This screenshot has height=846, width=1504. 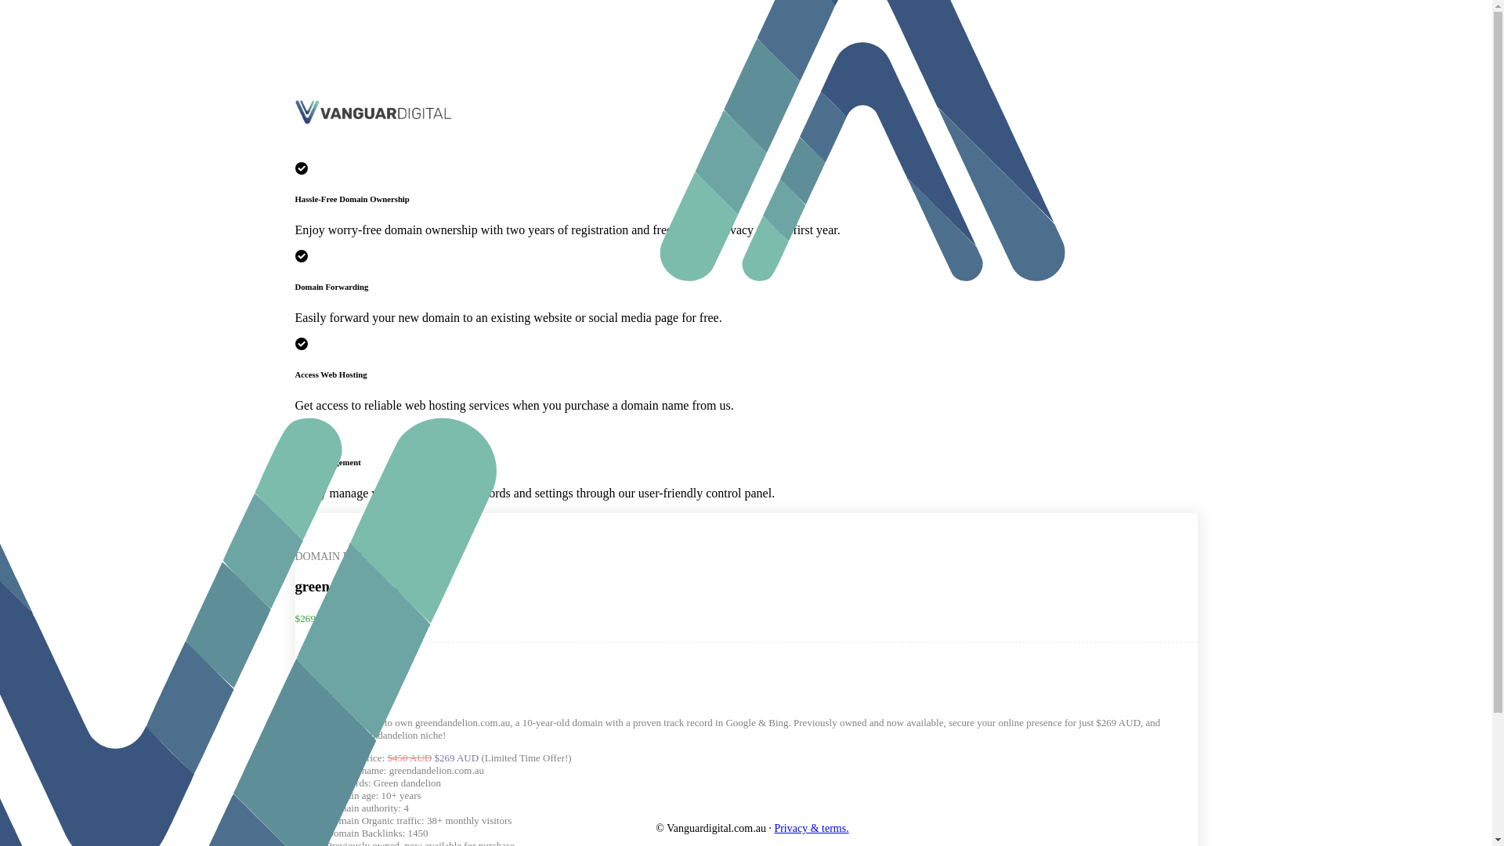 I want to click on 'Privacy & terms.', so click(x=774, y=827).